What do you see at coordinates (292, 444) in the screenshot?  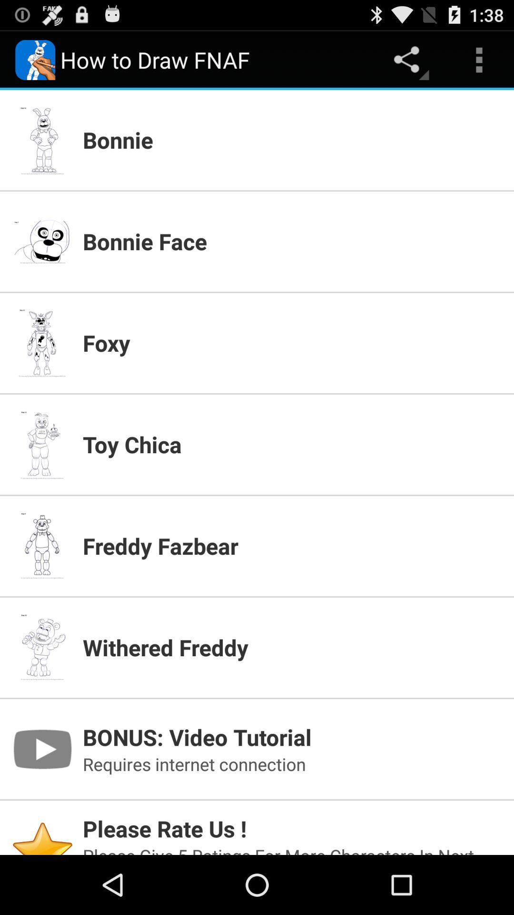 I see `toy chica app` at bounding box center [292, 444].